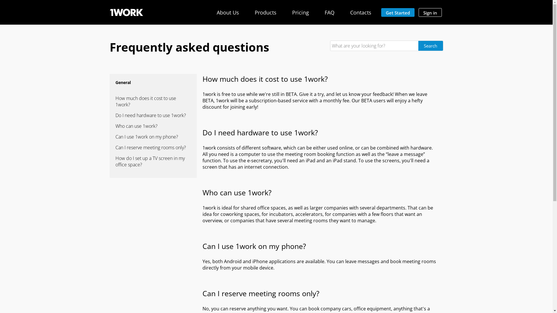  I want to click on 'Get Started', so click(381, 12).